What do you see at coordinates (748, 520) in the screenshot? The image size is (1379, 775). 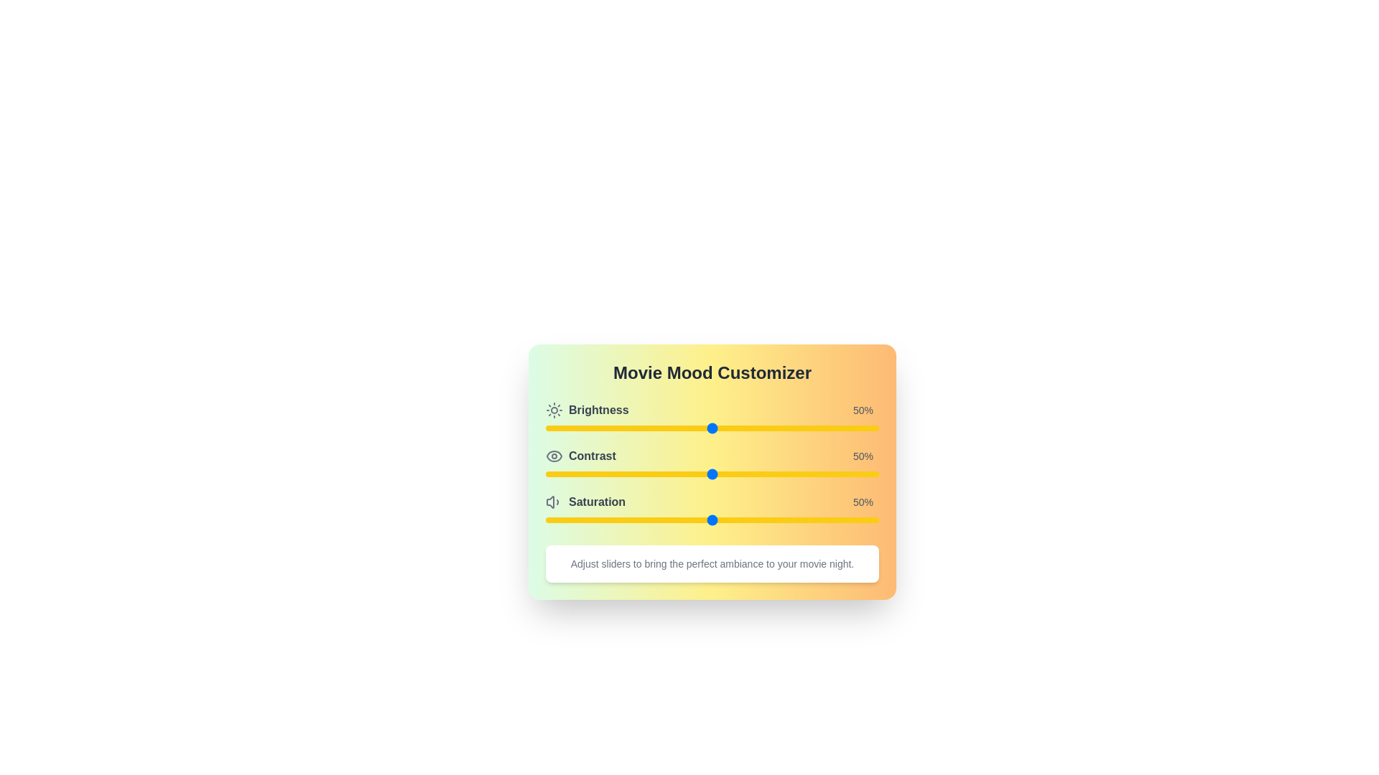 I see `the slider` at bounding box center [748, 520].